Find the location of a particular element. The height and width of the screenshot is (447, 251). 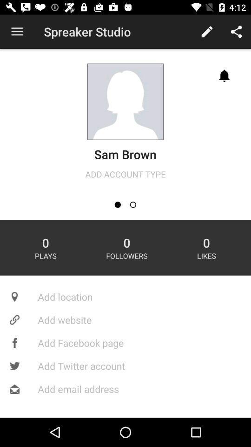

add facebook page item is located at coordinates (125, 342).